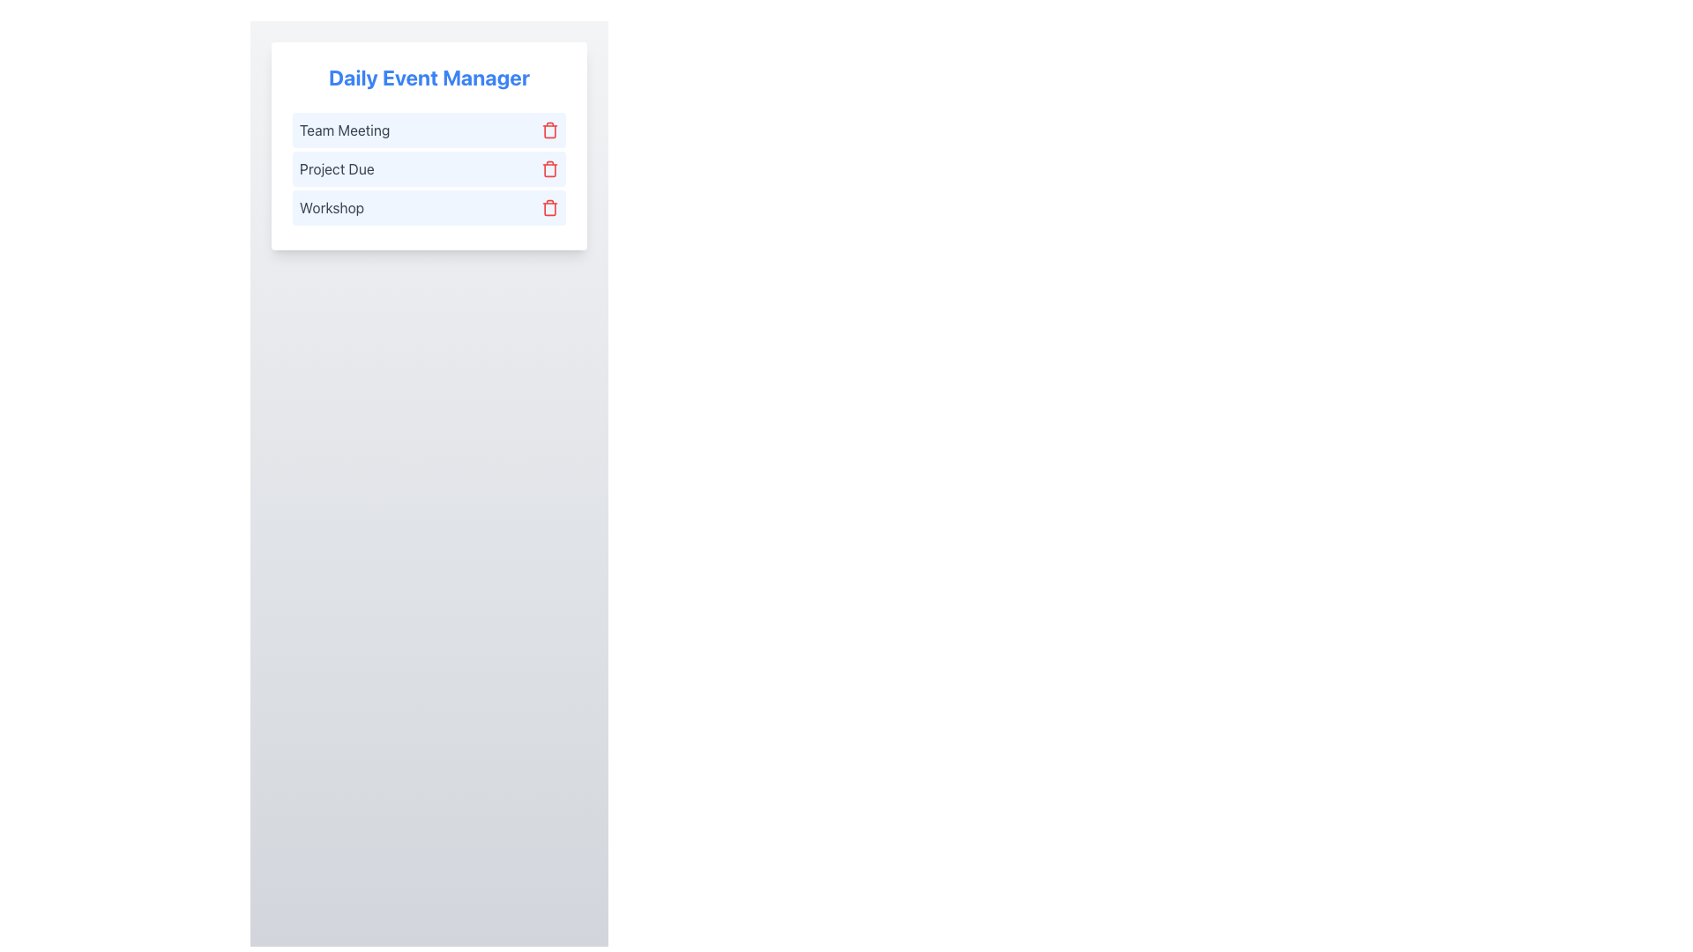 Image resolution: width=1693 pixels, height=952 pixels. What do you see at coordinates (429, 77) in the screenshot?
I see `the Text Display element that serves as the title or header for the card, which is positioned at the top of the card layout` at bounding box center [429, 77].